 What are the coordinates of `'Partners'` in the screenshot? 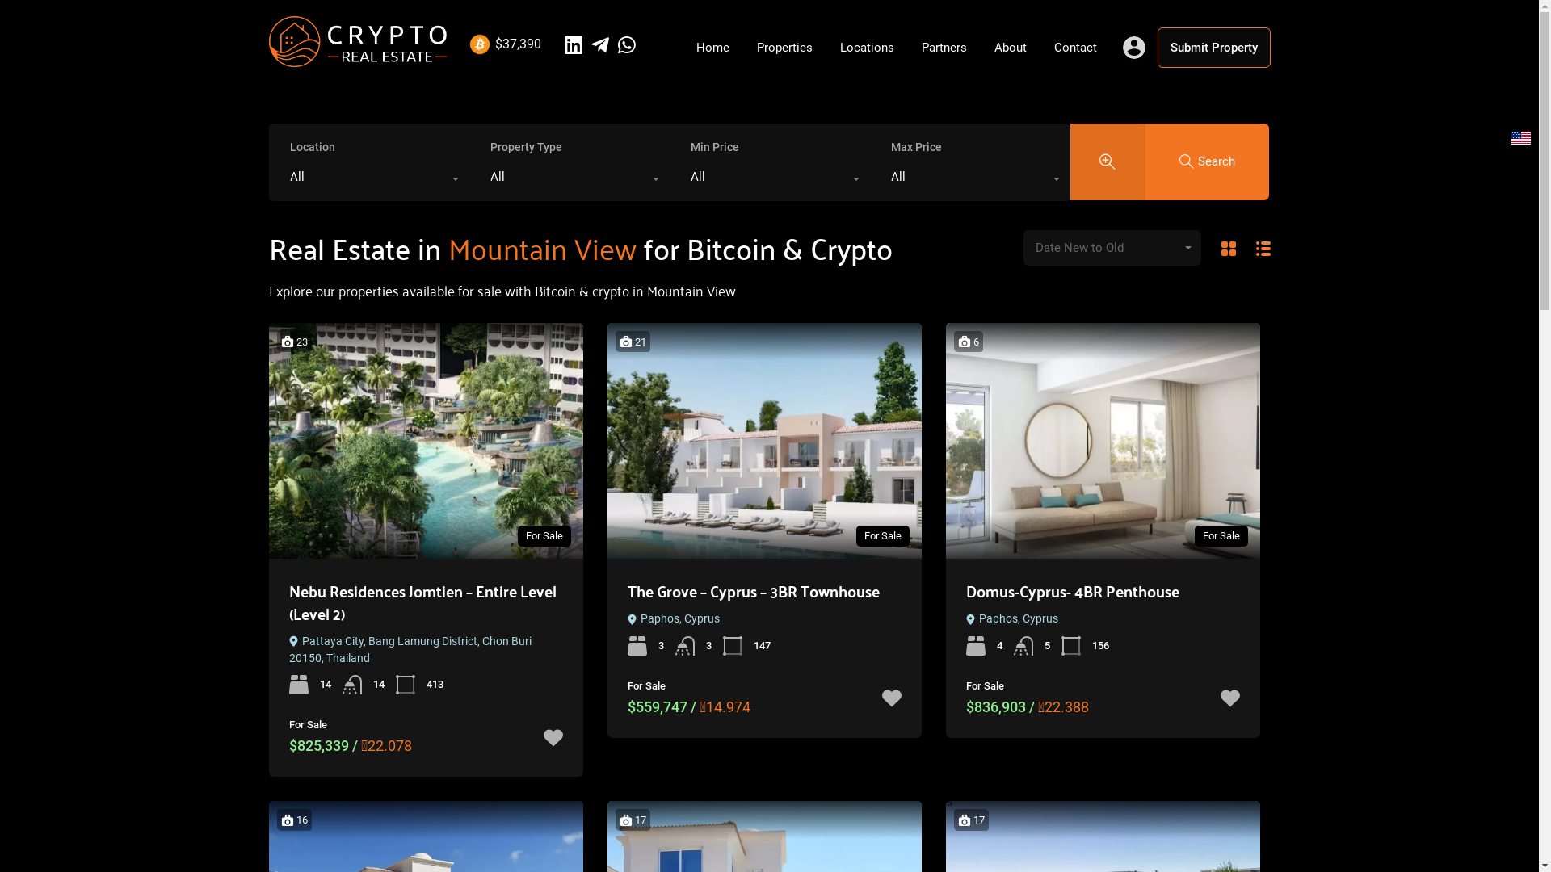 It's located at (944, 46).